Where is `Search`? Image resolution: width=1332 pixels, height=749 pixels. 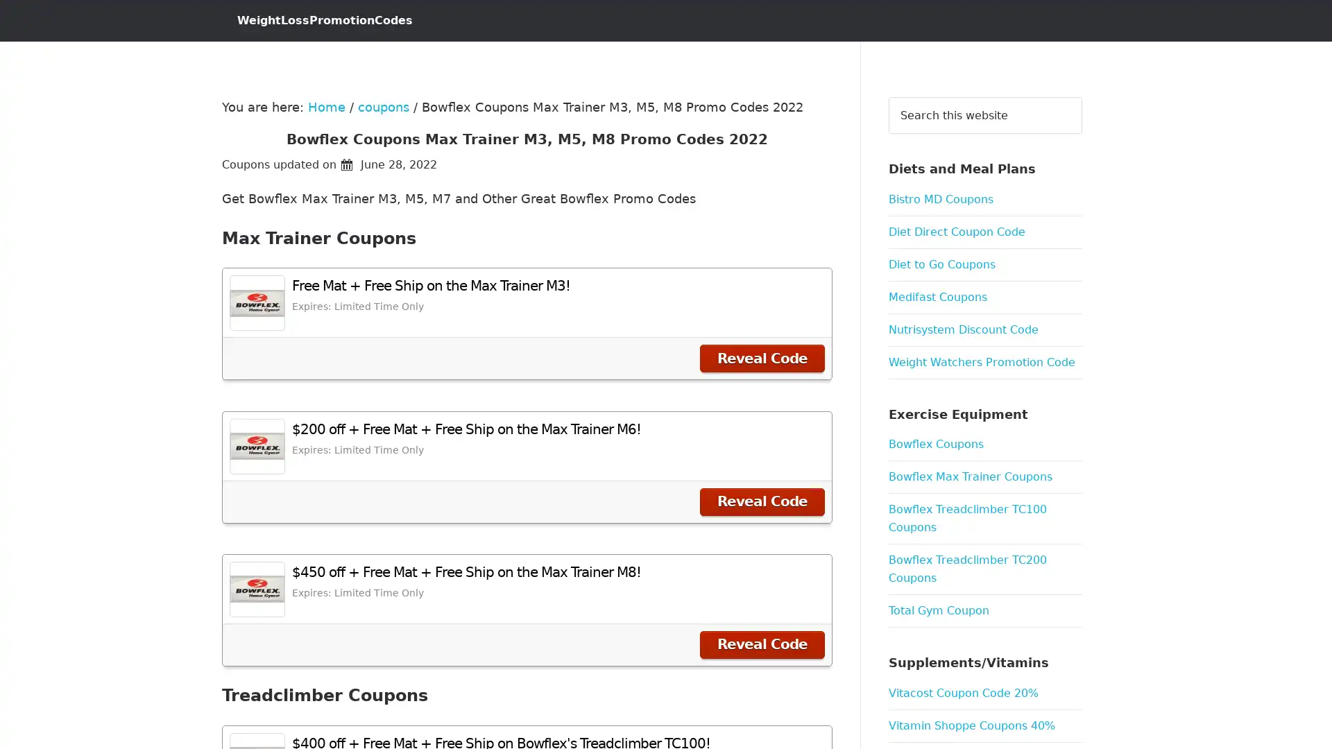
Search is located at coordinates (1081, 96).